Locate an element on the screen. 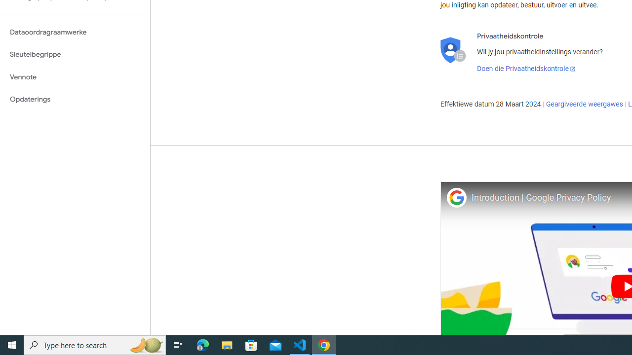 This screenshot has width=632, height=355. 'Sleutelbegrippe' is located at coordinates (75, 54).